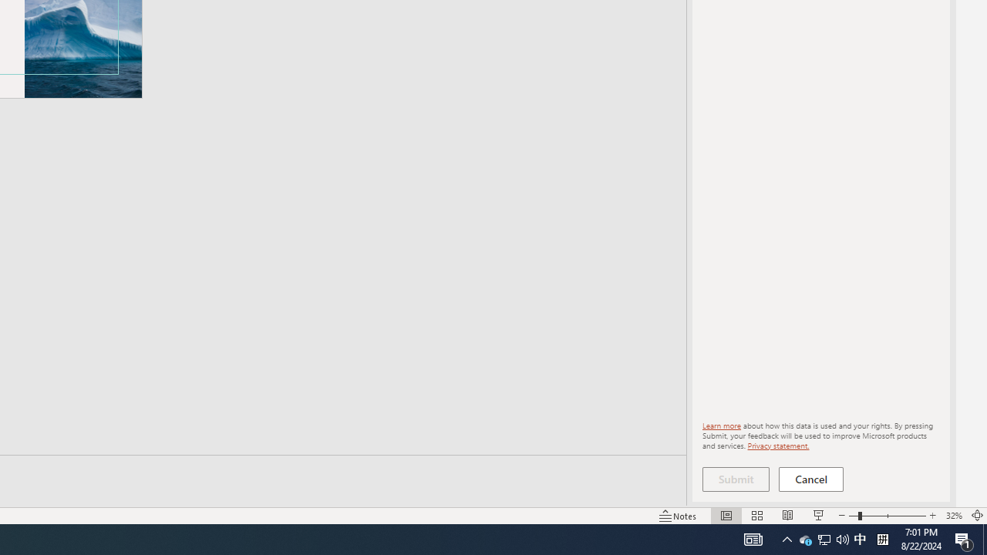 Image resolution: width=987 pixels, height=555 pixels. I want to click on 'Cancel', so click(810, 479).